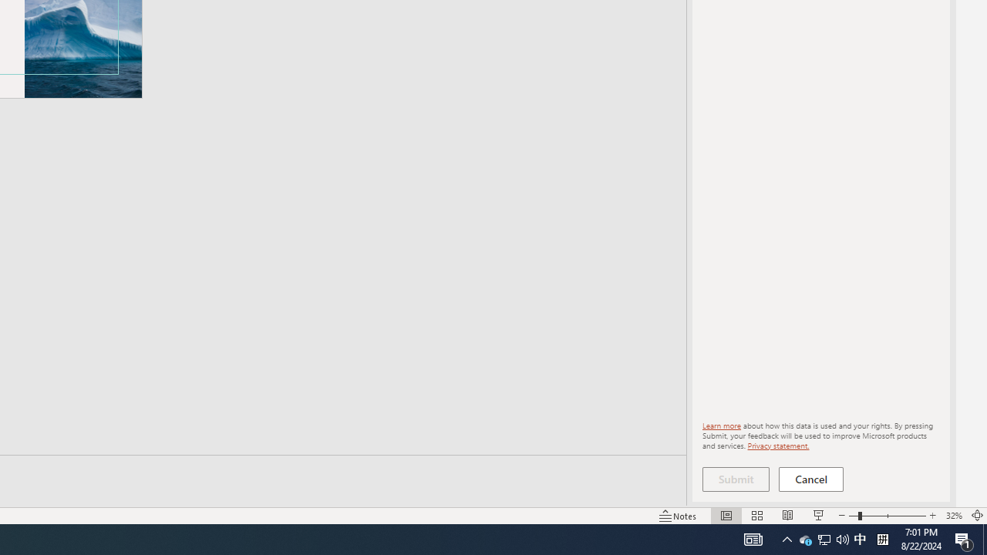 Image resolution: width=987 pixels, height=555 pixels. I want to click on 'Cancel', so click(810, 479).